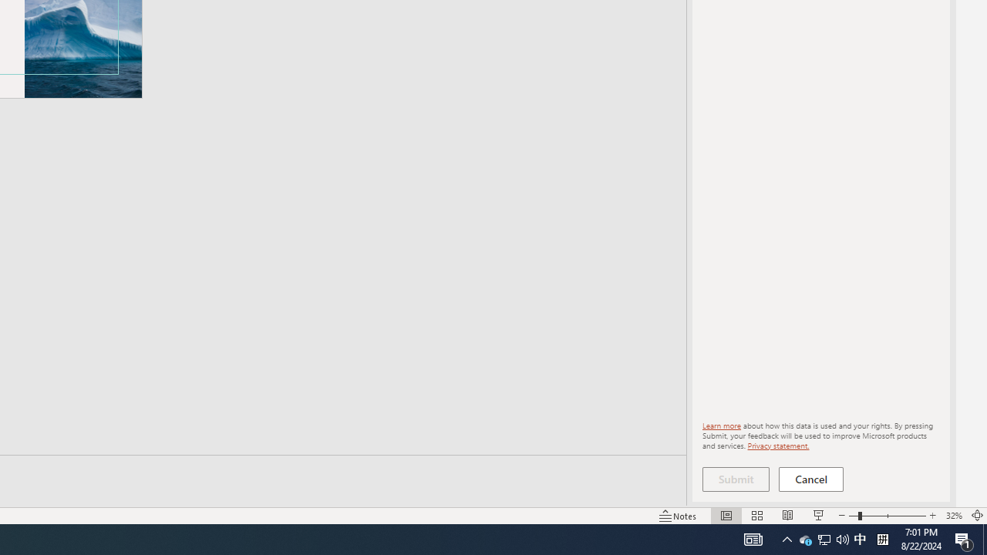 Image resolution: width=987 pixels, height=555 pixels. I want to click on 'Cancel', so click(810, 479).